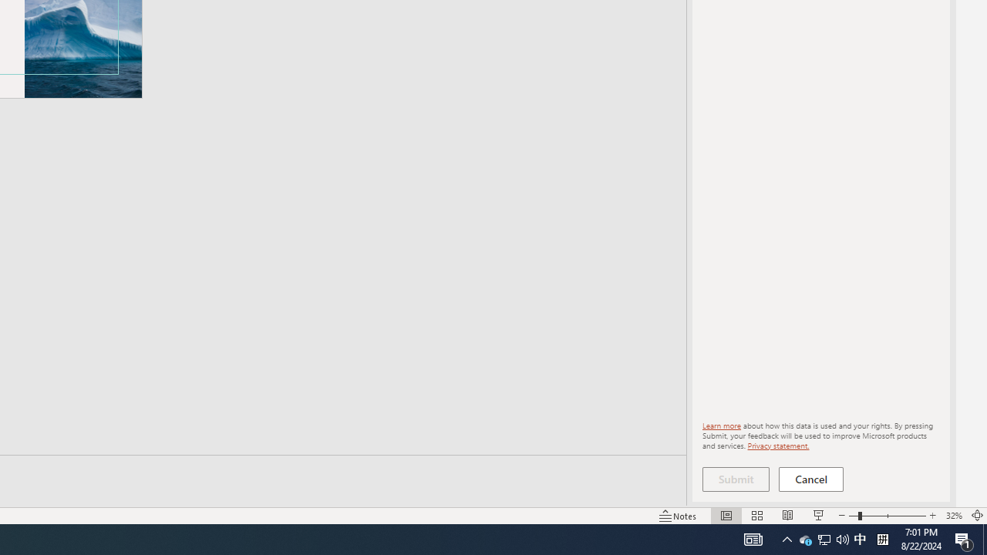 Image resolution: width=987 pixels, height=555 pixels. I want to click on 'Cancel', so click(810, 479).